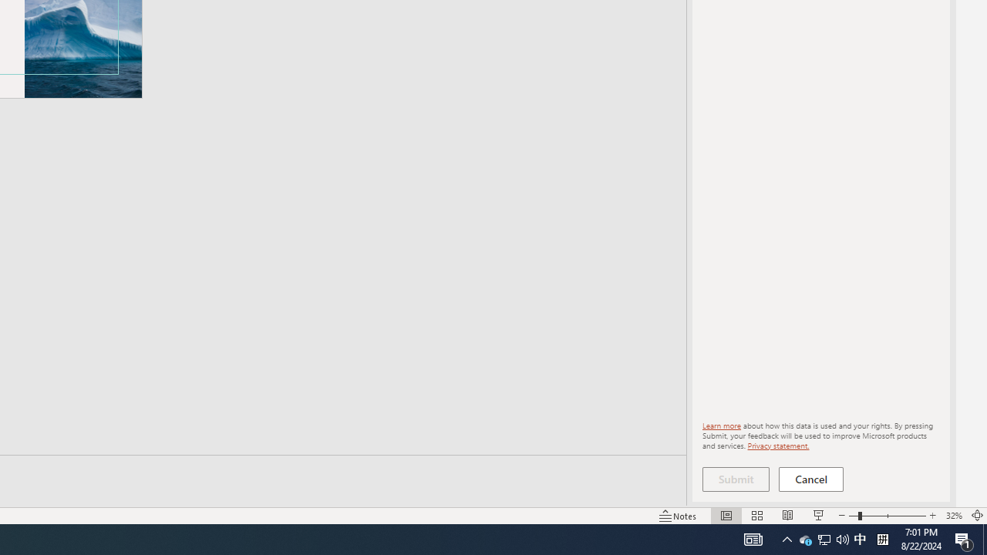 Image resolution: width=987 pixels, height=555 pixels. I want to click on 'Cancel', so click(810, 479).